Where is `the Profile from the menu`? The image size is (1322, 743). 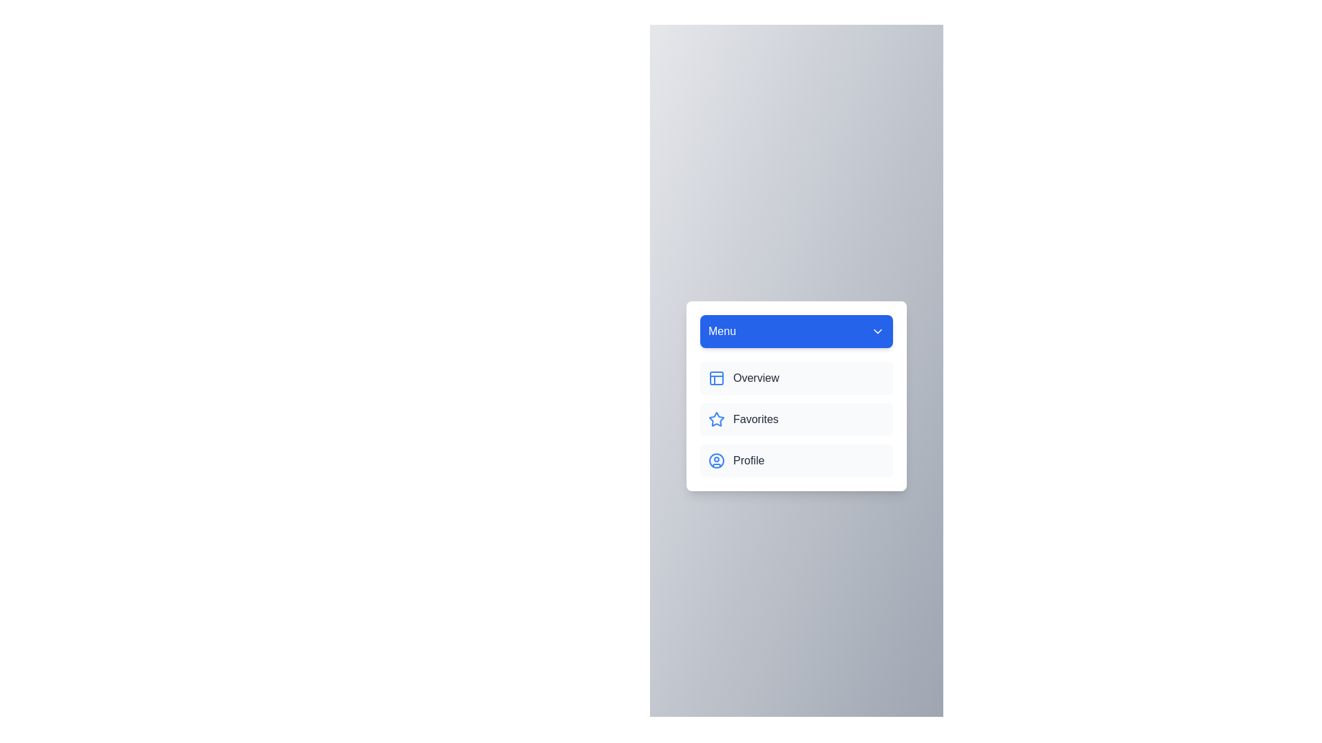 the Profile from the menu is located at coordinates (796, 461).